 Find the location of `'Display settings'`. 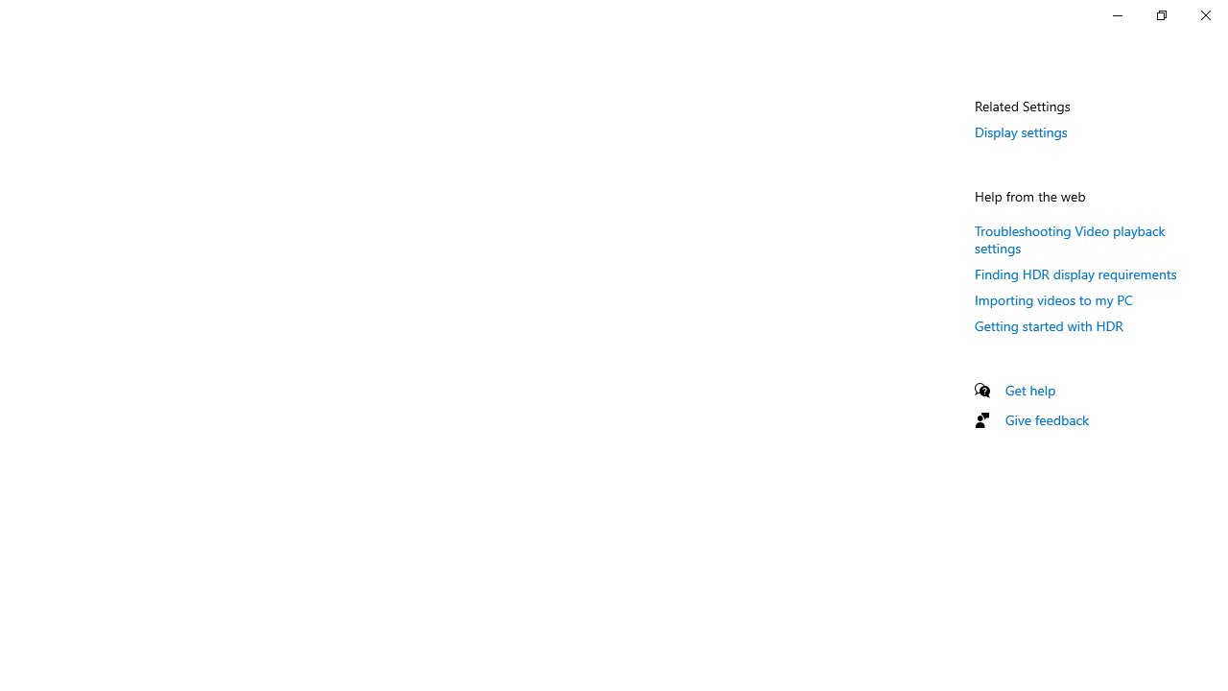

'Display settings' is located at coordinates (1020, 131).